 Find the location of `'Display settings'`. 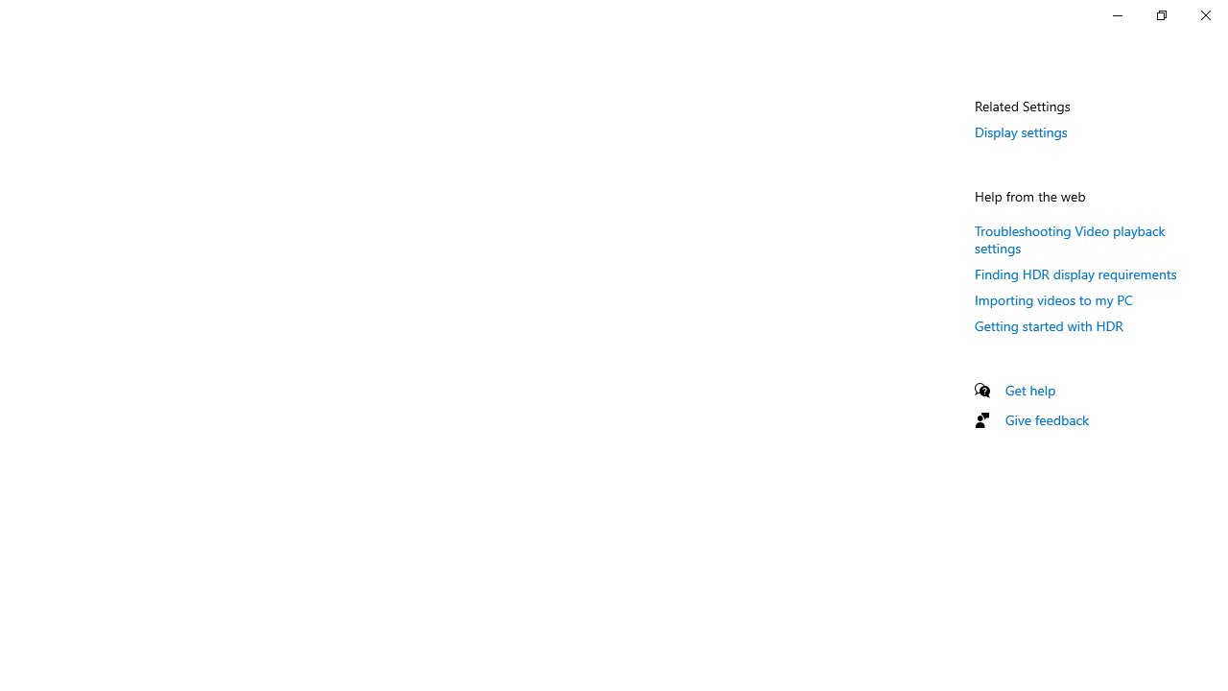

'Display settings' is located at coordinates (1020, 131).